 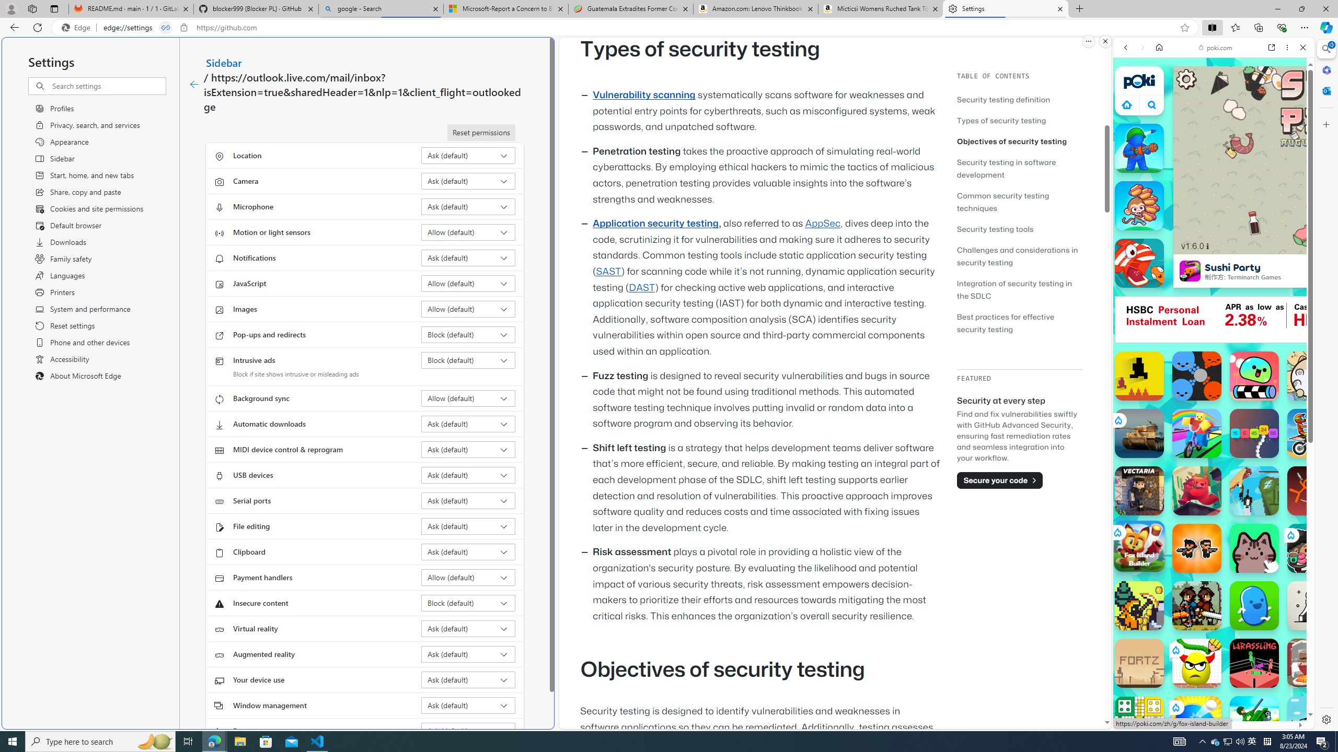 What do you see at coordinates (468, 577) in the screenshot?
I see `'Payment handlers Allow (default)'` at bounding box center [468, 577].